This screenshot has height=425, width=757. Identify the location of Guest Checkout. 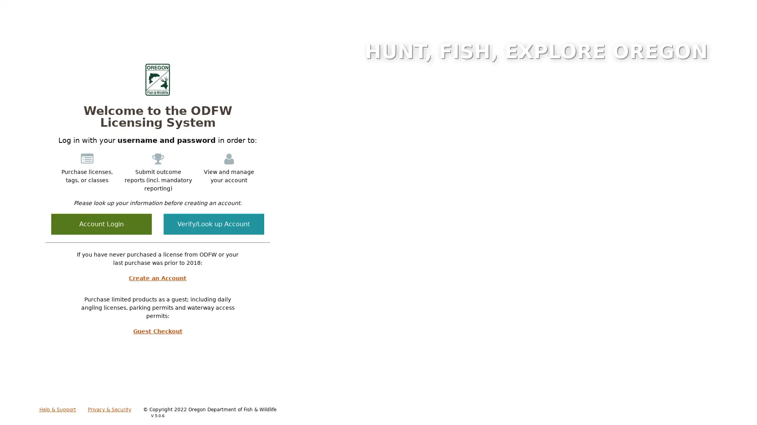
(157, 331).